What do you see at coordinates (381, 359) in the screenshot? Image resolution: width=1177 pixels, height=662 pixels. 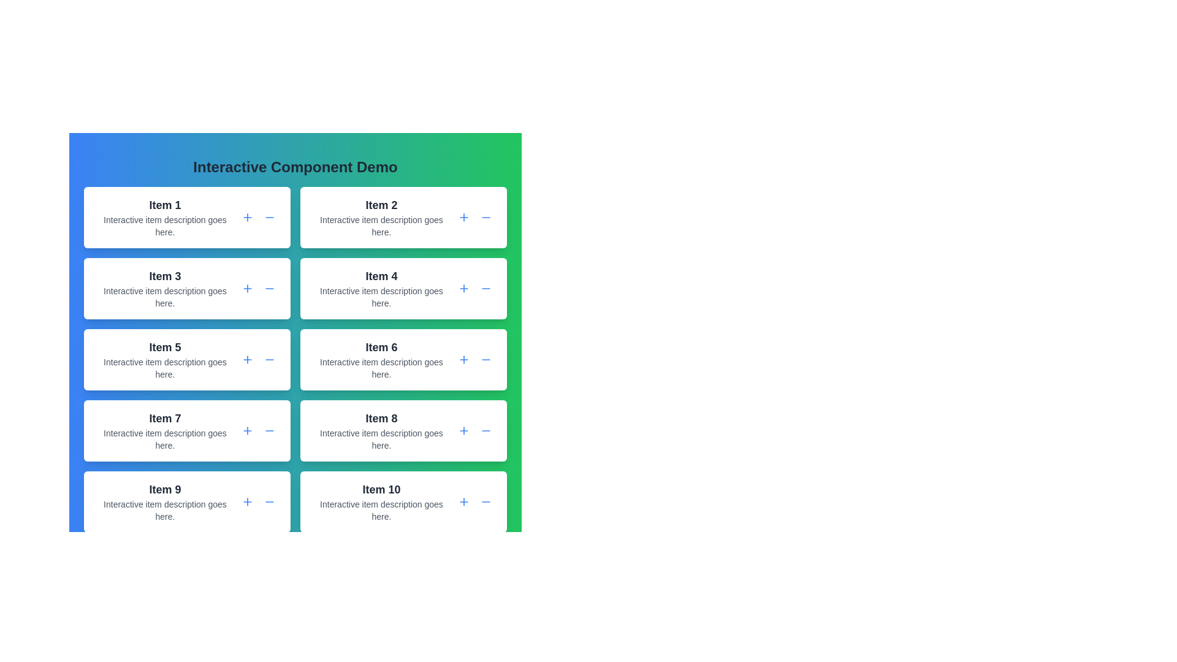 I see `the Text display block titled 'Item 6' that includes the description 'Interactive item description goes here.'` at bounding box center [381, 359].